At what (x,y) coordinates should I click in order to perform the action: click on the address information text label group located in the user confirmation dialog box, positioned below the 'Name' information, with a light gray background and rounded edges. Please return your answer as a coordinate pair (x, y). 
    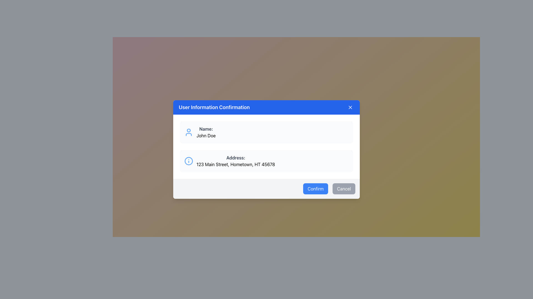
    Looking at the image, I should click on (236, 161).